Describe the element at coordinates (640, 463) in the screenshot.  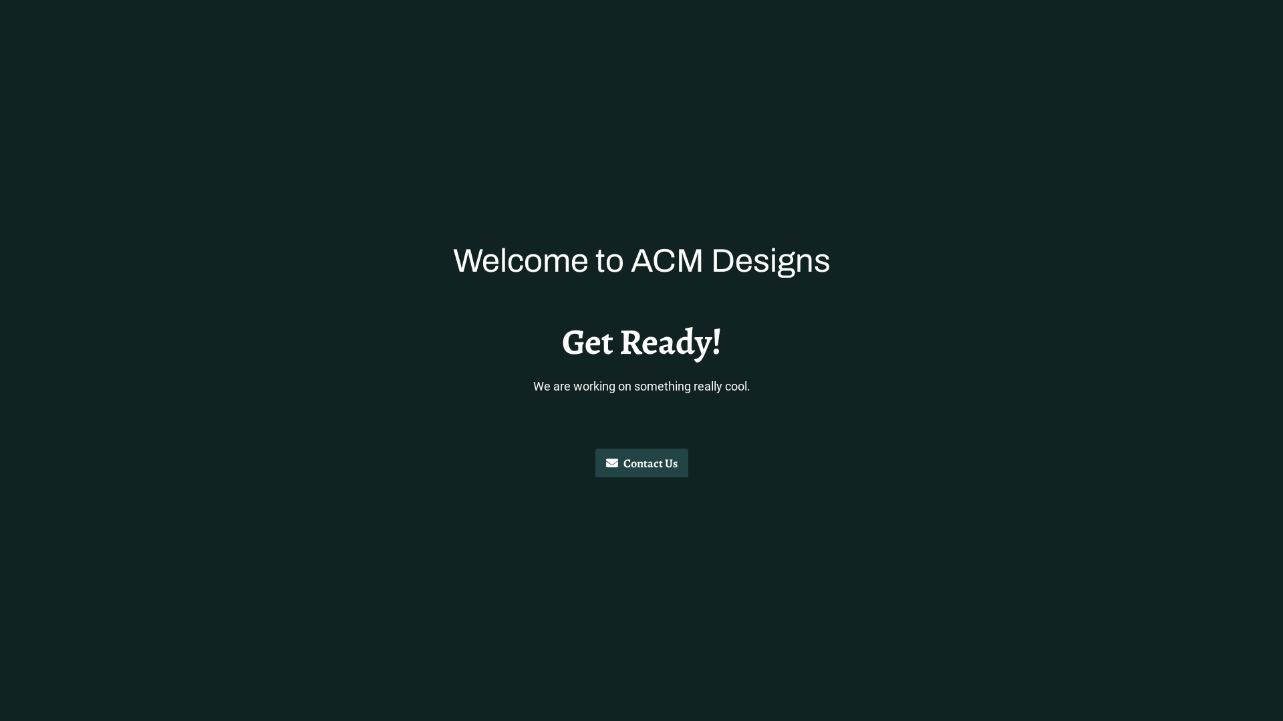
I see `'Contact Us'` at that location.